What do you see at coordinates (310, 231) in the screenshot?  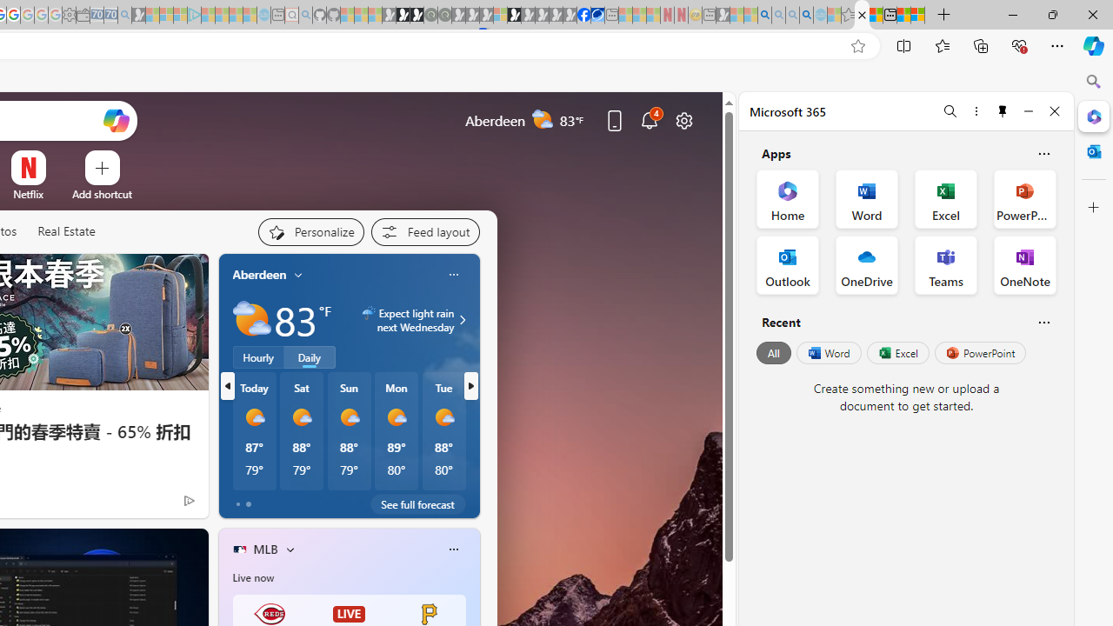 I see `'Personalize your feed"'` at bounding box center [310, 231].